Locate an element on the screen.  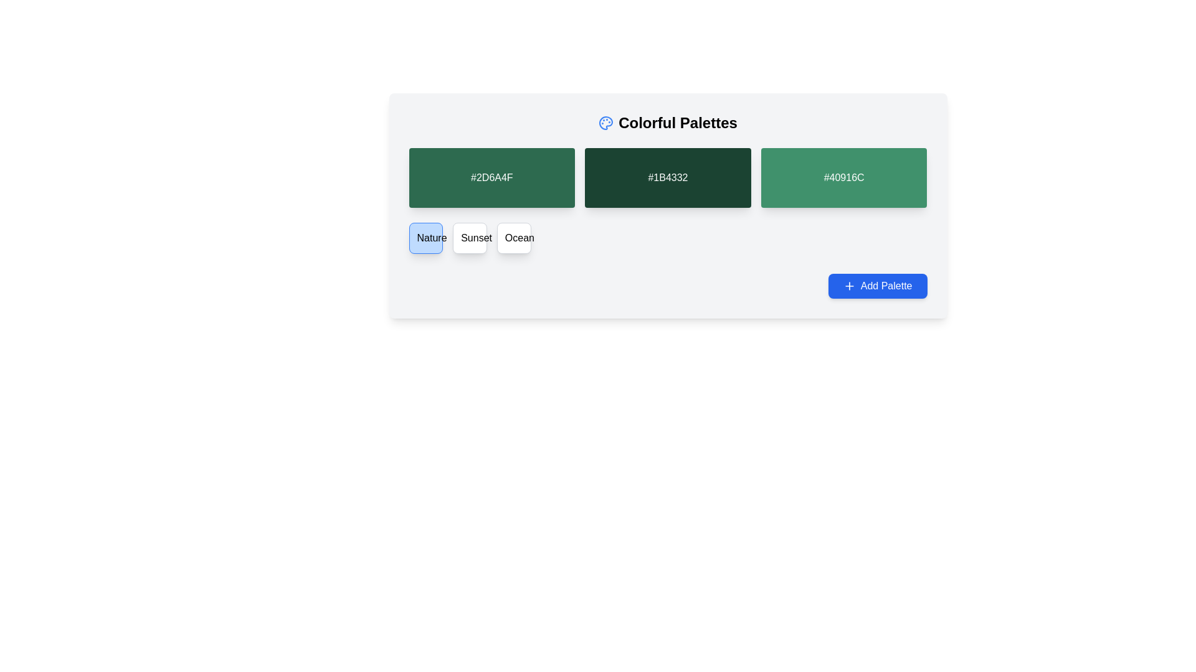
the second color swatch color box with the color code '#1B4332' to copy the color code is located at coordinates (667, 205).